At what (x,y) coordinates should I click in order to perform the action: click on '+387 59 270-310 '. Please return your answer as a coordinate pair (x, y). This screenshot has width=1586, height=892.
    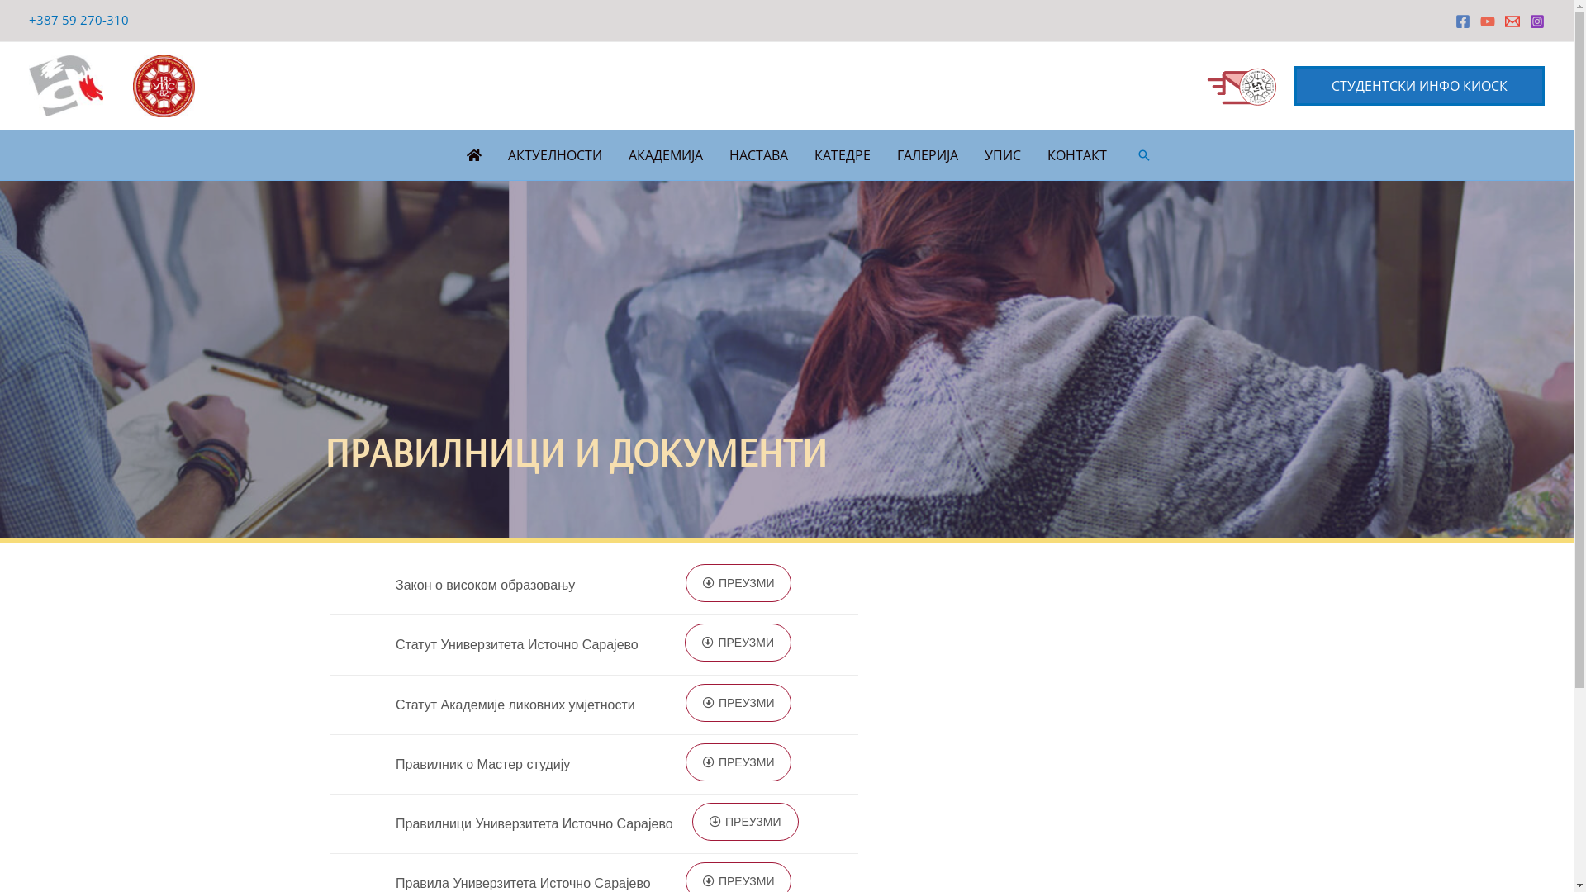
    Looking at the image, I should click on (79, 19).